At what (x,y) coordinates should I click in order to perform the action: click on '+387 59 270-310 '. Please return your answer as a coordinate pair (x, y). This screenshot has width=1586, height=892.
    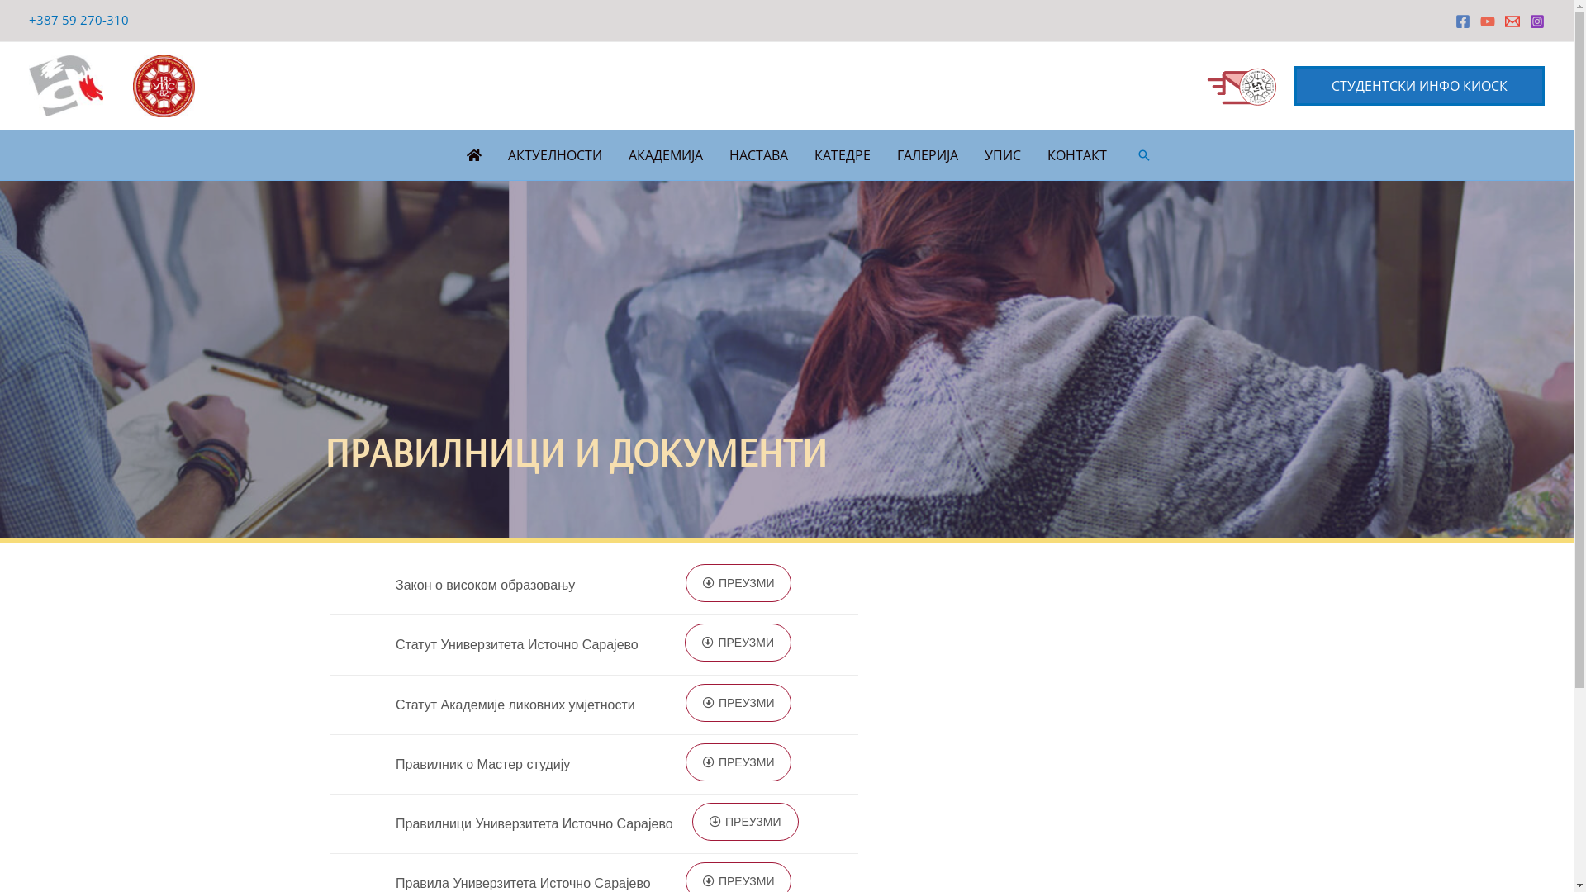
    Looking at the image, I should click on (79, 19).